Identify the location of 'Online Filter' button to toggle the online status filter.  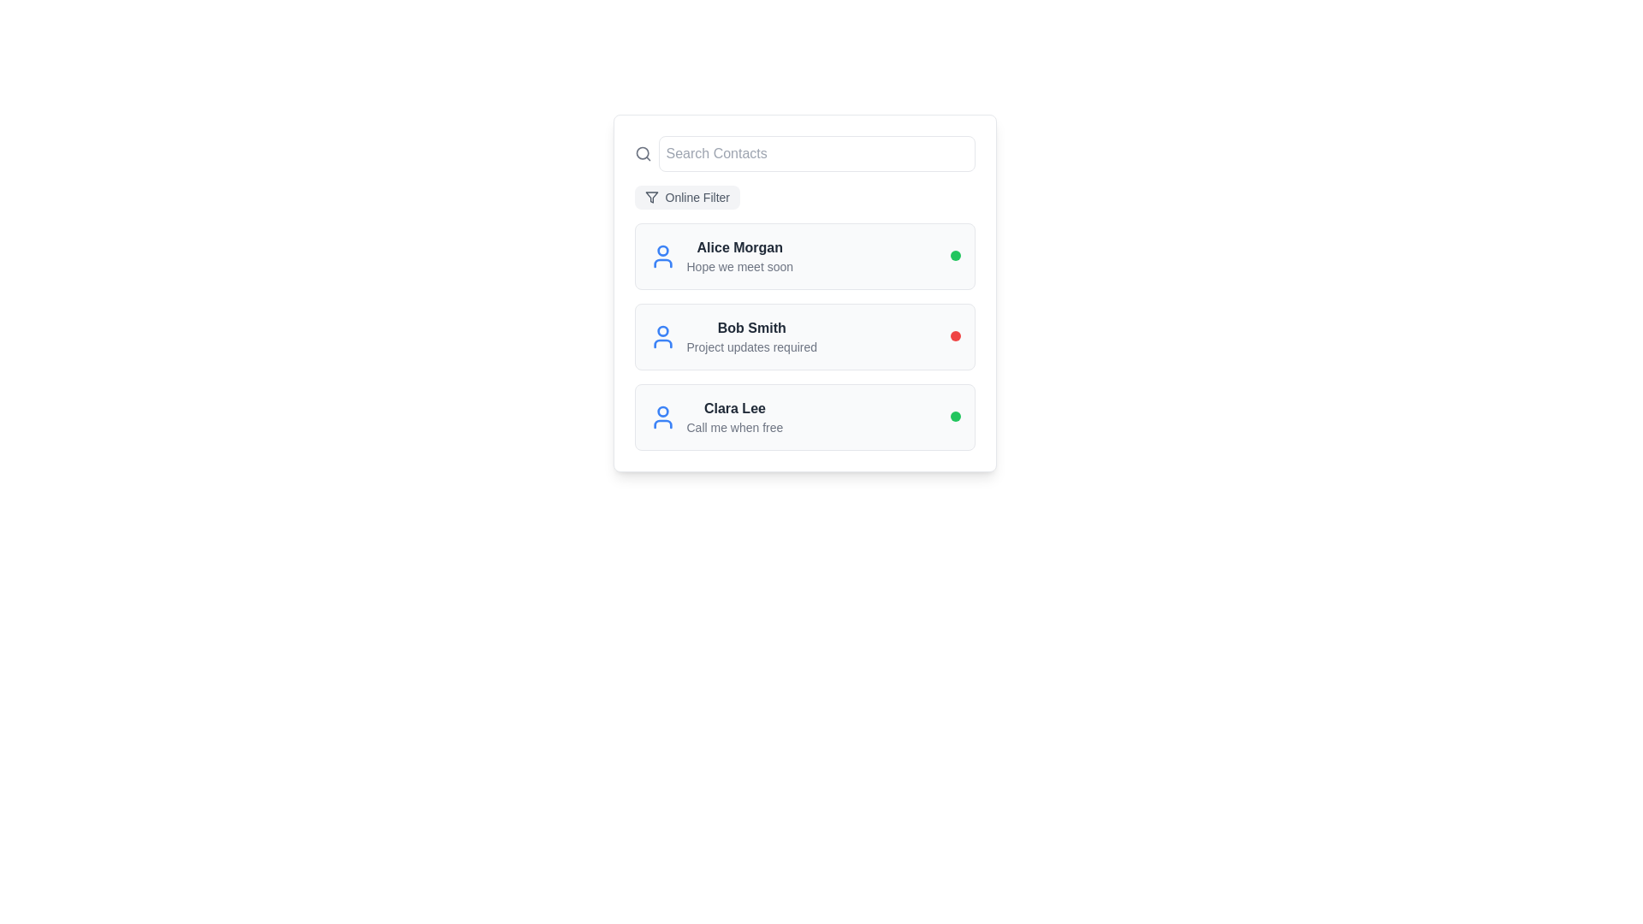
(686, 197).